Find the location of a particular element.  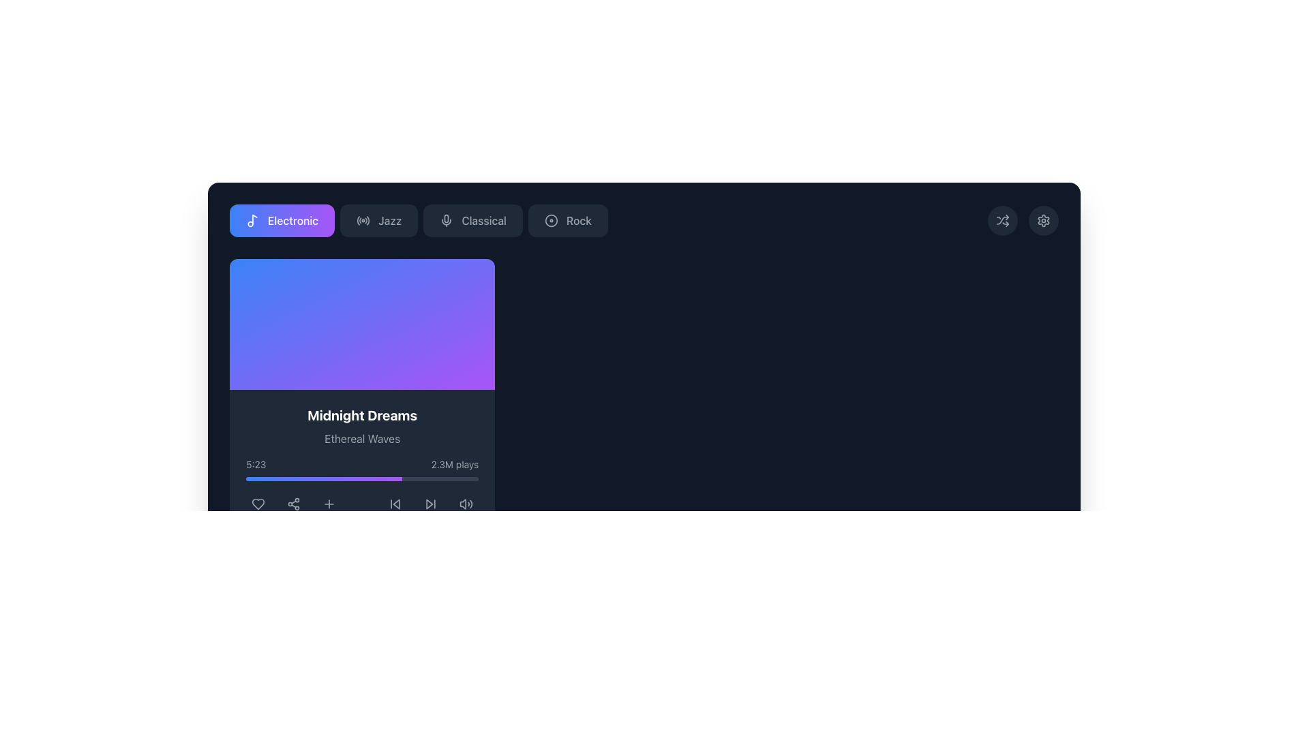

the first interactive button in the media control group is located at coordinates (395, 504).